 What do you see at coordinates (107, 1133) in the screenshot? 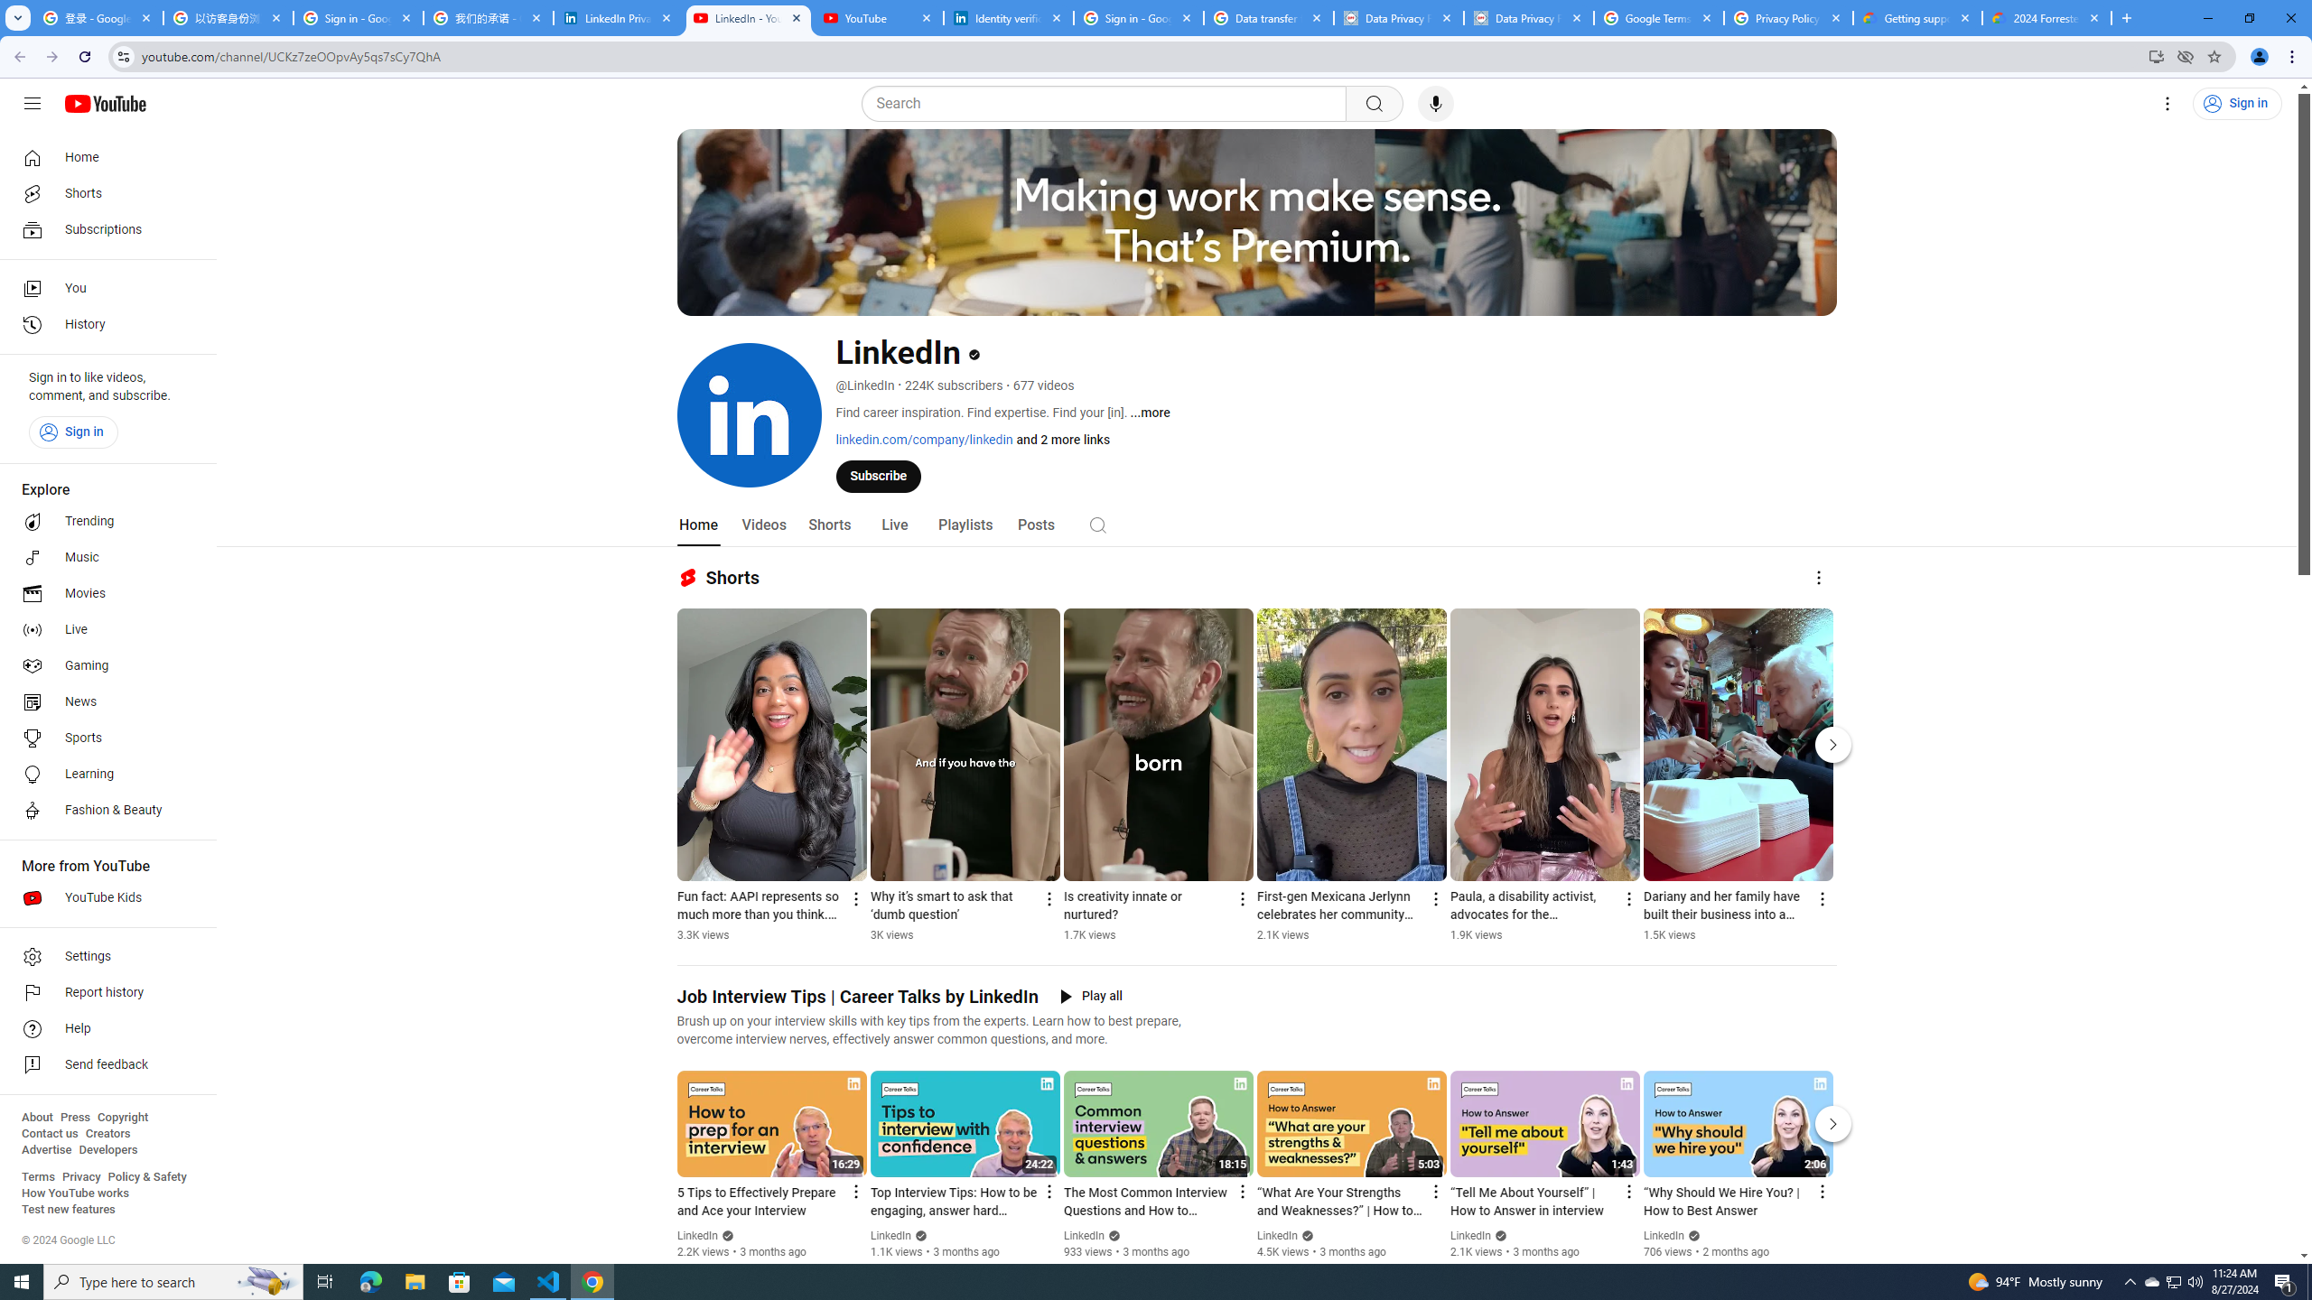
I see `'Creators'` at bounding box center [107, 1133].